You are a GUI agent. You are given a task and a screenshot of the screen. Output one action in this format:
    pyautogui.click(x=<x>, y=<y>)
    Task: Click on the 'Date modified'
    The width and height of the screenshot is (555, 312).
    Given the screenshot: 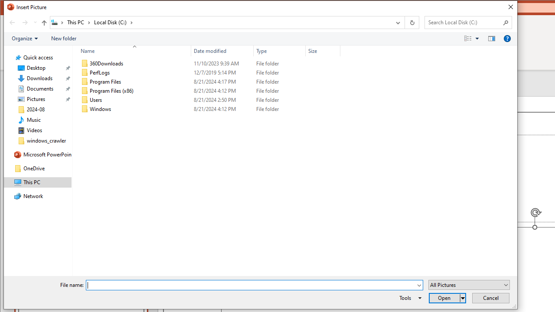 What is the action you would take?
    pyautogui.click(x=222, y=51)
    